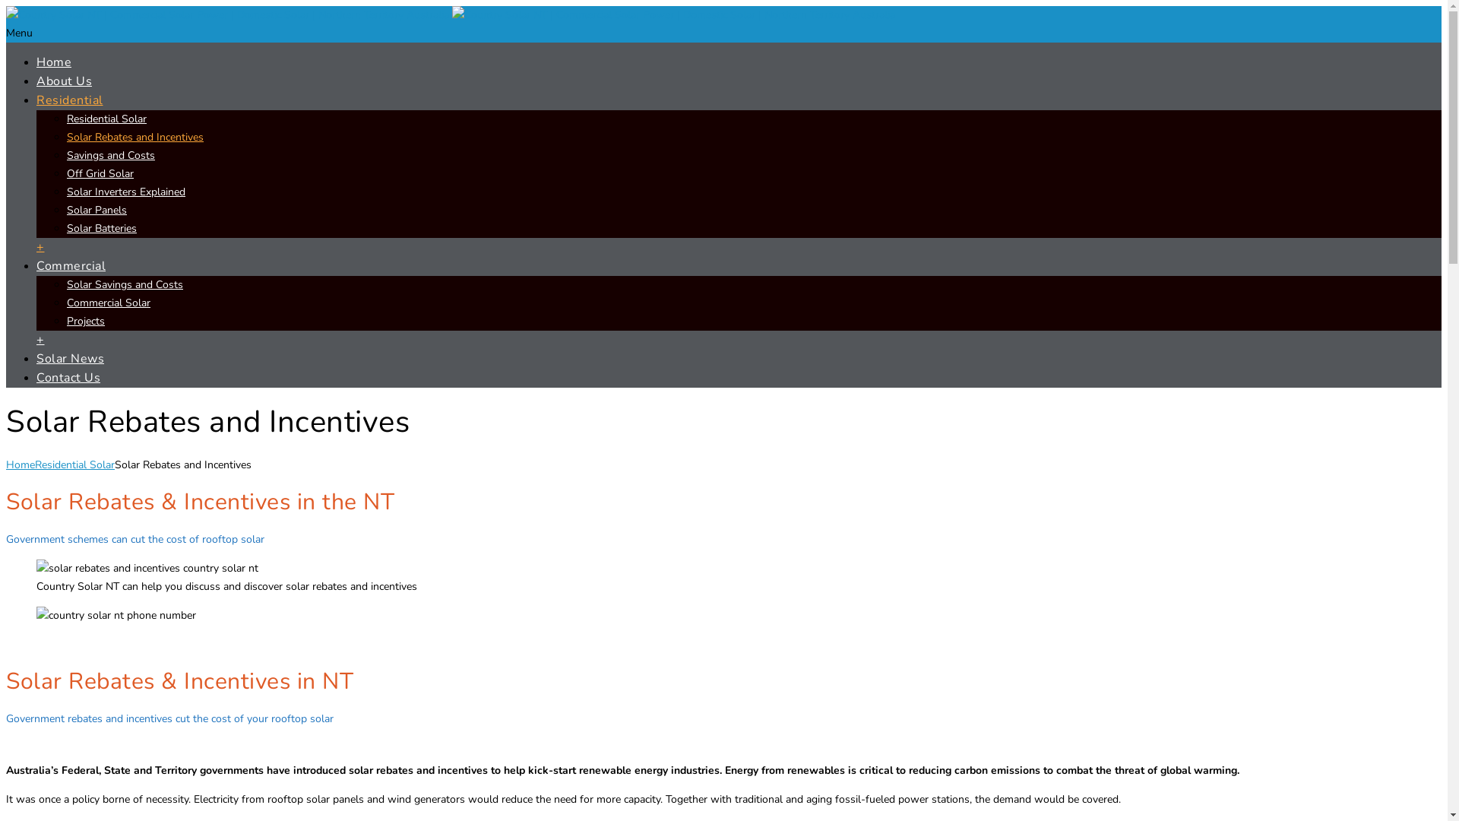  I want to click on 'Residential Solar', so click(106, 118).